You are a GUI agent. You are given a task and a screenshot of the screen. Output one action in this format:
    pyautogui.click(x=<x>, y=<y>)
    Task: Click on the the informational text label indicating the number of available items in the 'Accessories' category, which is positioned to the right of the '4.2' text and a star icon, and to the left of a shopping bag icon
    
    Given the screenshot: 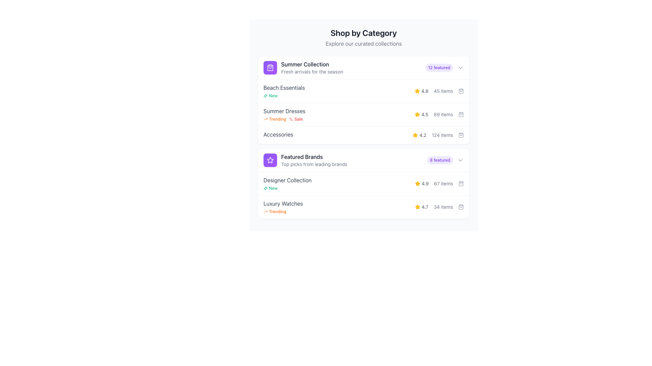 What is the action you would take?
    pyautogui.click(x=442, y=135)
    